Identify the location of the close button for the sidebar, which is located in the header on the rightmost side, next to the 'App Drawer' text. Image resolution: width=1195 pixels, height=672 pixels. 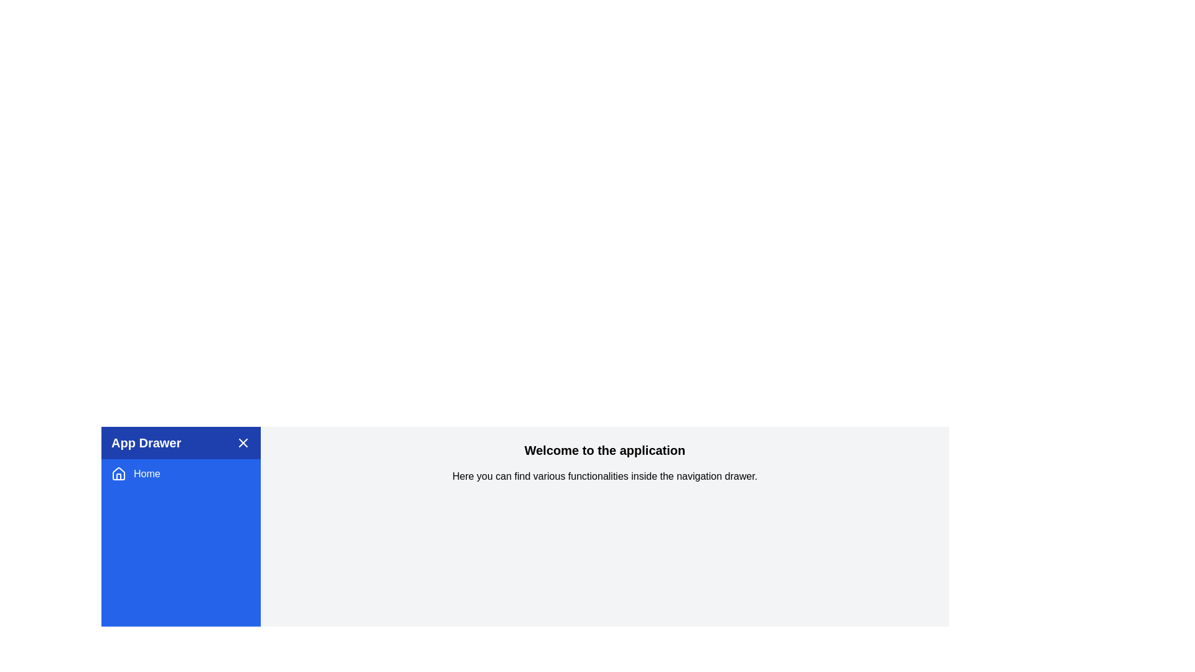
(243, 442).